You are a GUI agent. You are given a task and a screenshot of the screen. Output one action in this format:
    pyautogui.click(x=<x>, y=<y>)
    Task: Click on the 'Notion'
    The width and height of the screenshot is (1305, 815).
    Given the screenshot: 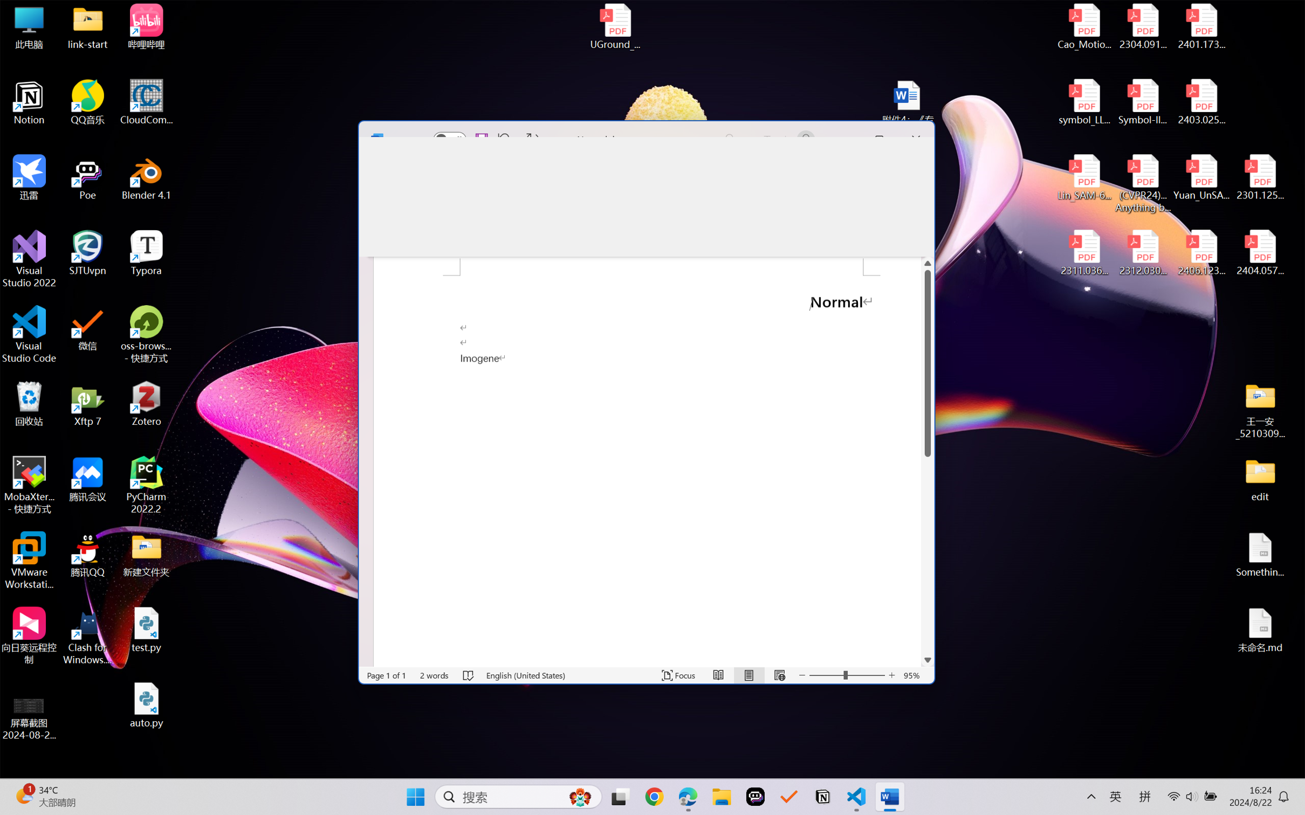 What is the action you would take?
    pyautogui.click(x=29, y=102)
    